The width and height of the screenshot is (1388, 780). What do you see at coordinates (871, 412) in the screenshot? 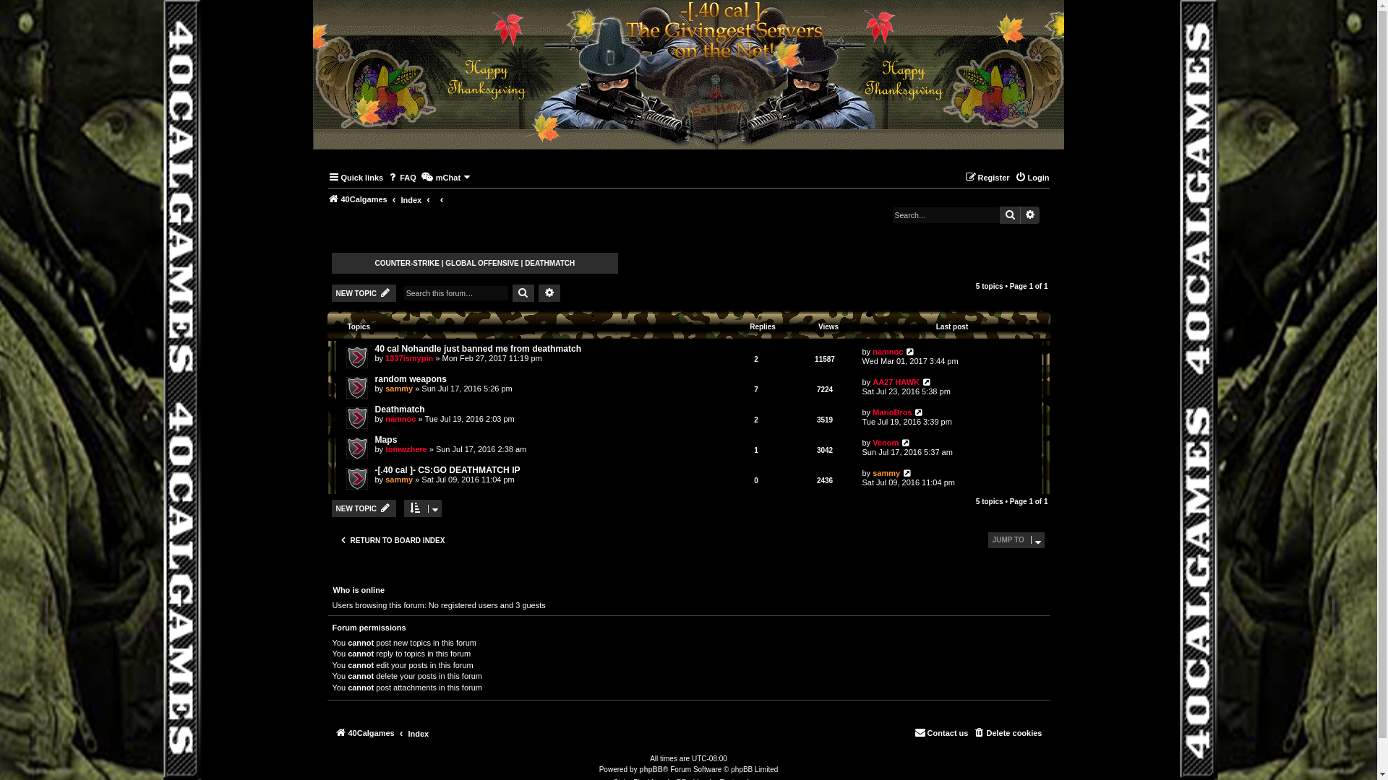
I see `'MarioBros'` at bounding box center [871, 412].